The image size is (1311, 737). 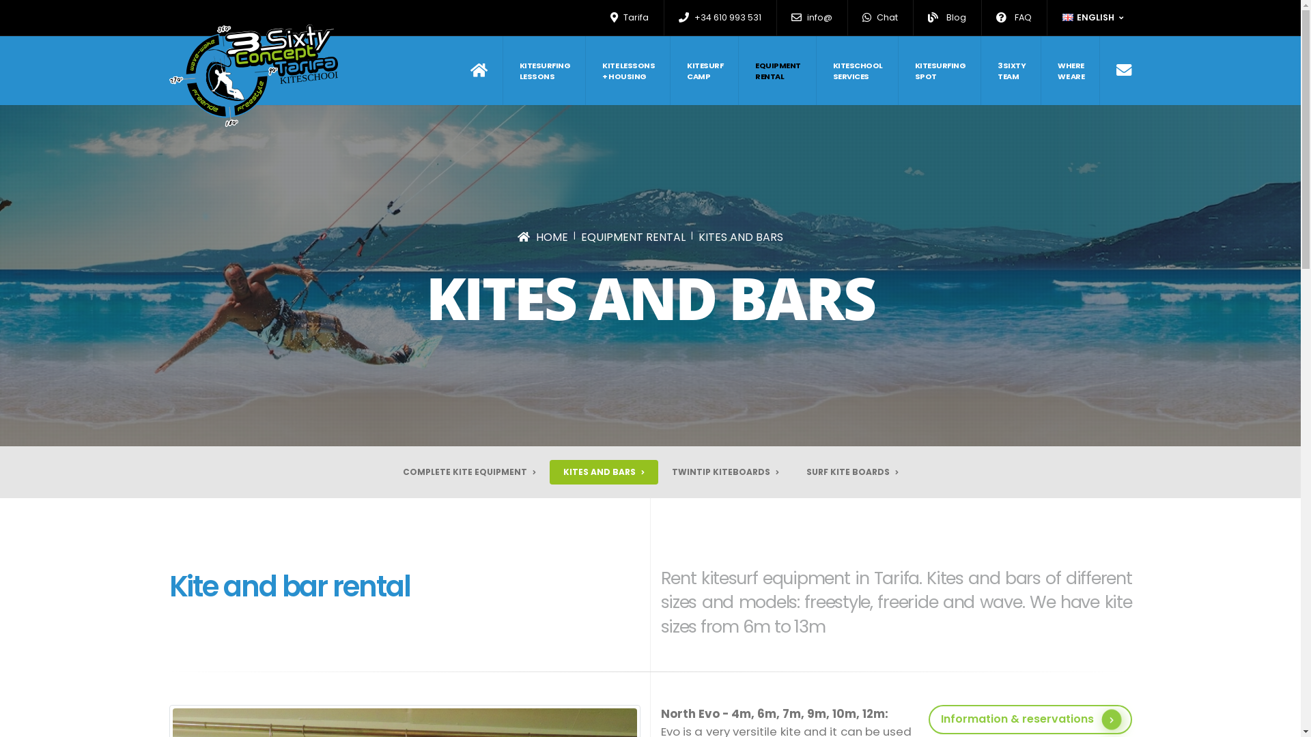 I want to click on 'Tarifa', so click(x=628, y=18).